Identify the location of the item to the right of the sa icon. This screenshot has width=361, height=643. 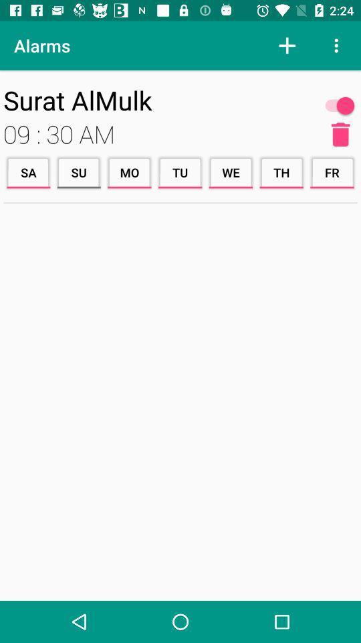
(79, 171).